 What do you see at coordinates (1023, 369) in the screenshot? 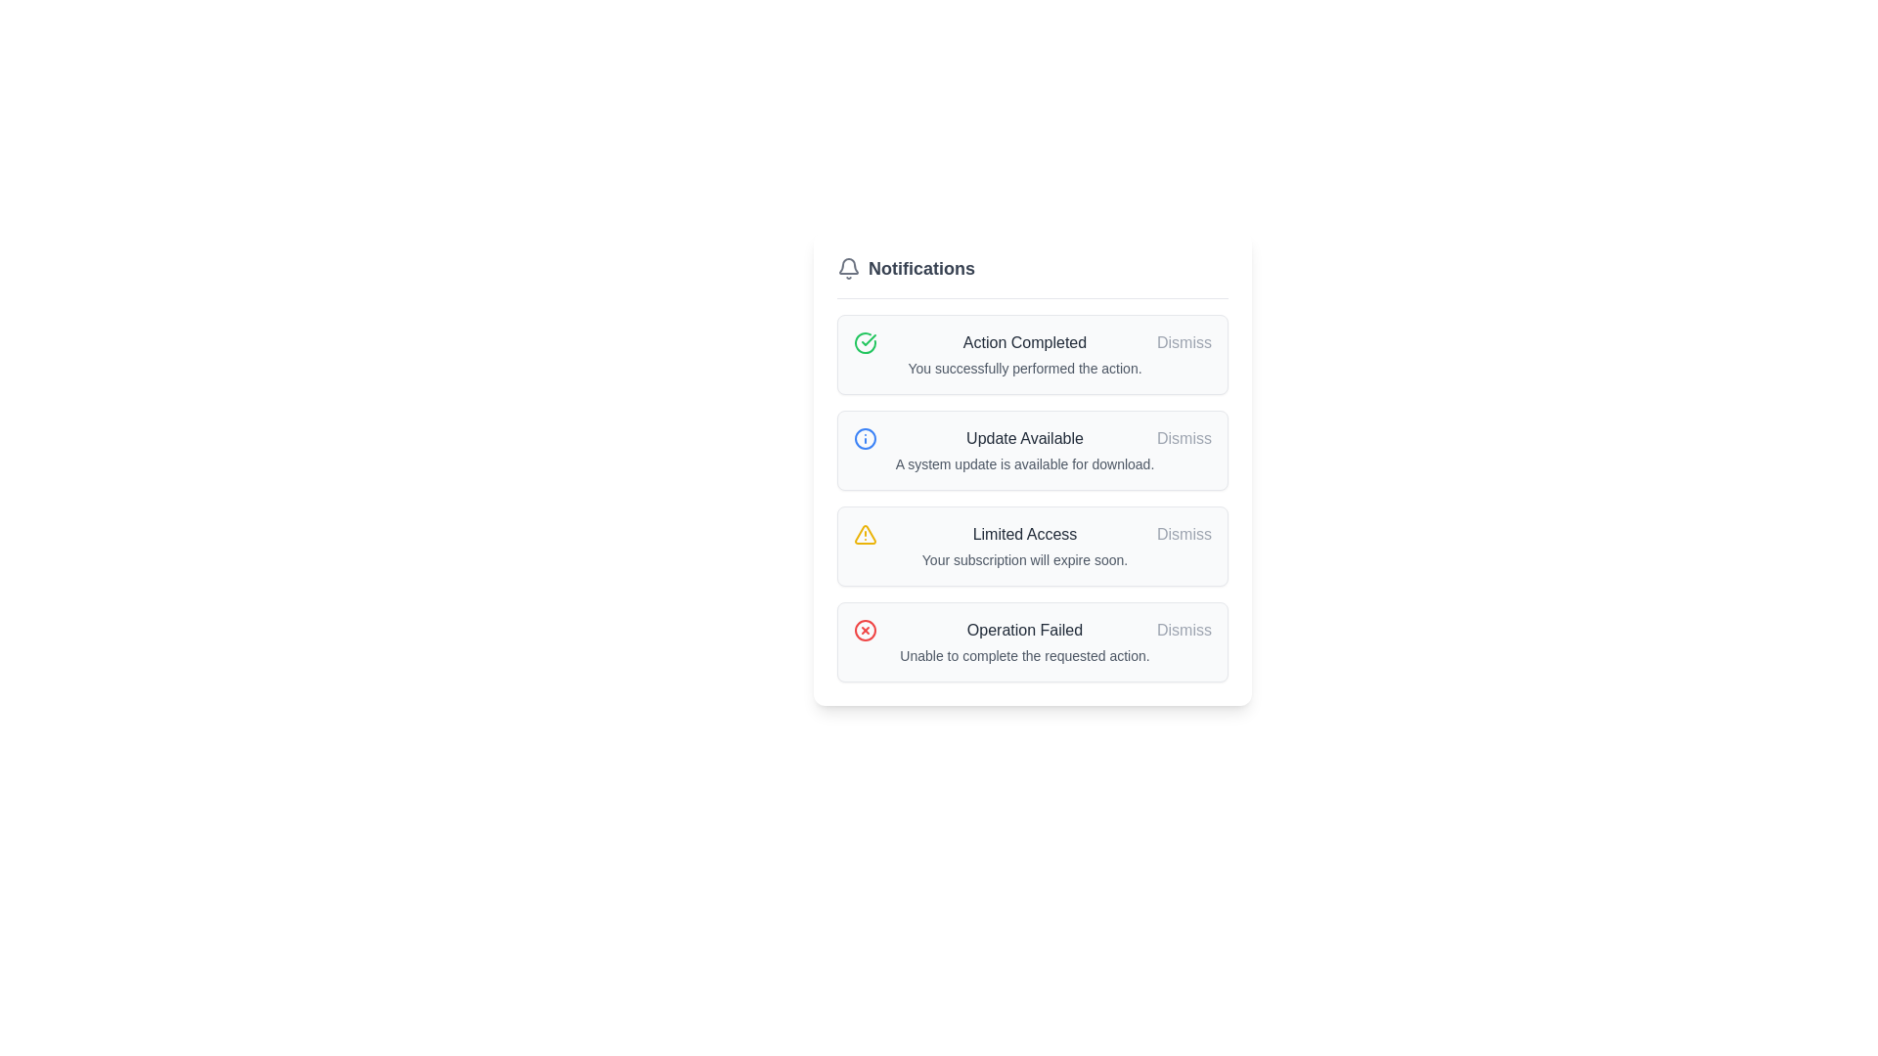
I see `the text display element with a gray font color located immediately below the 'Action Completed' title in the notification card` at bounding box center [1023, 369].